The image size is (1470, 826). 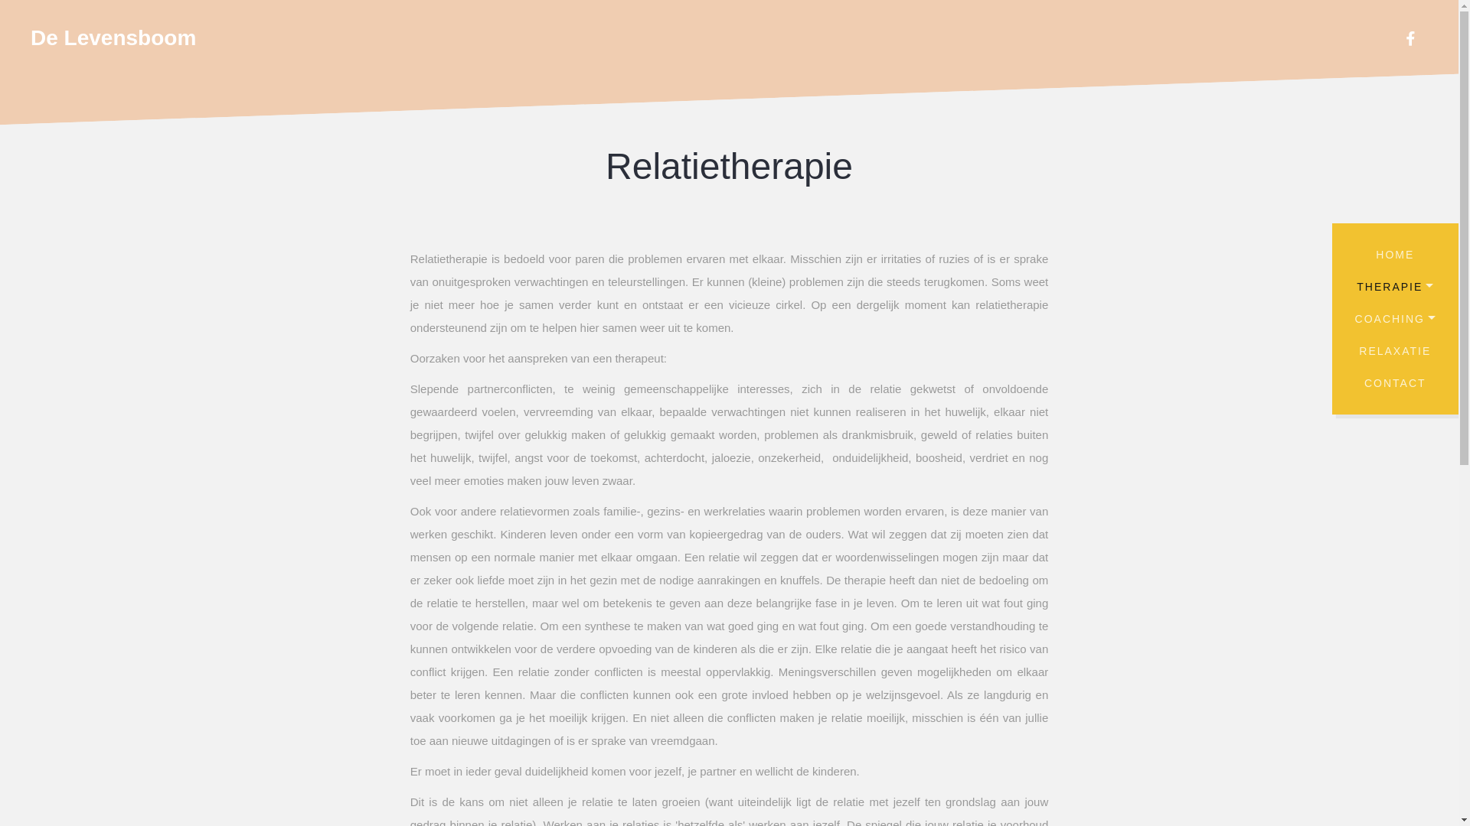 I want to click on 'HOME', so click(x=1395, y=253).